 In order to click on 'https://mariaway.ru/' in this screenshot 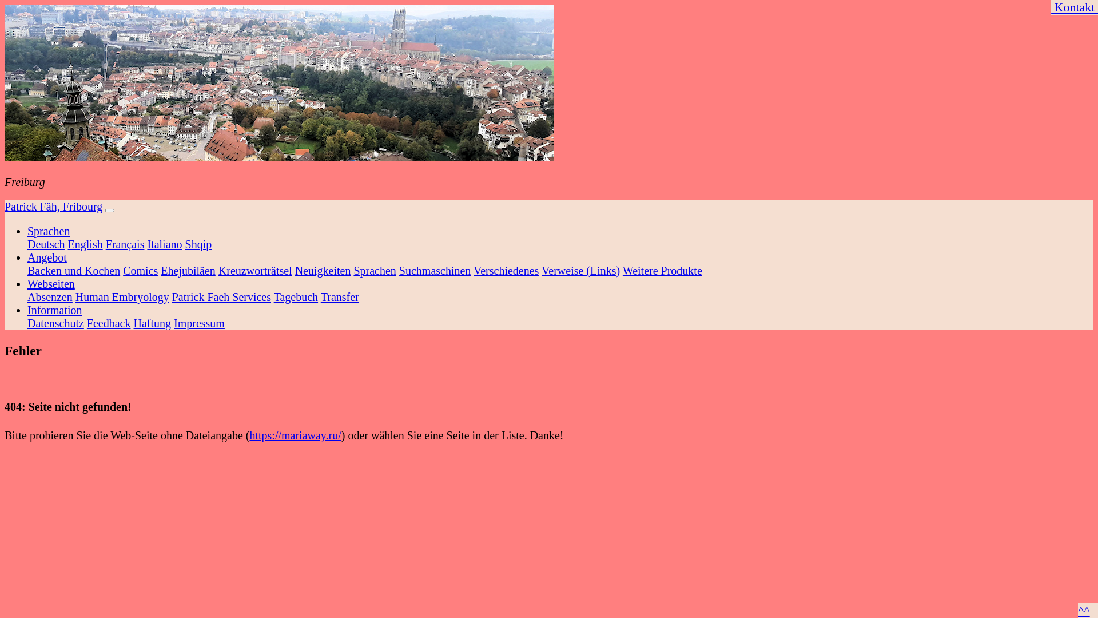, I will do `click(295, 435)`.